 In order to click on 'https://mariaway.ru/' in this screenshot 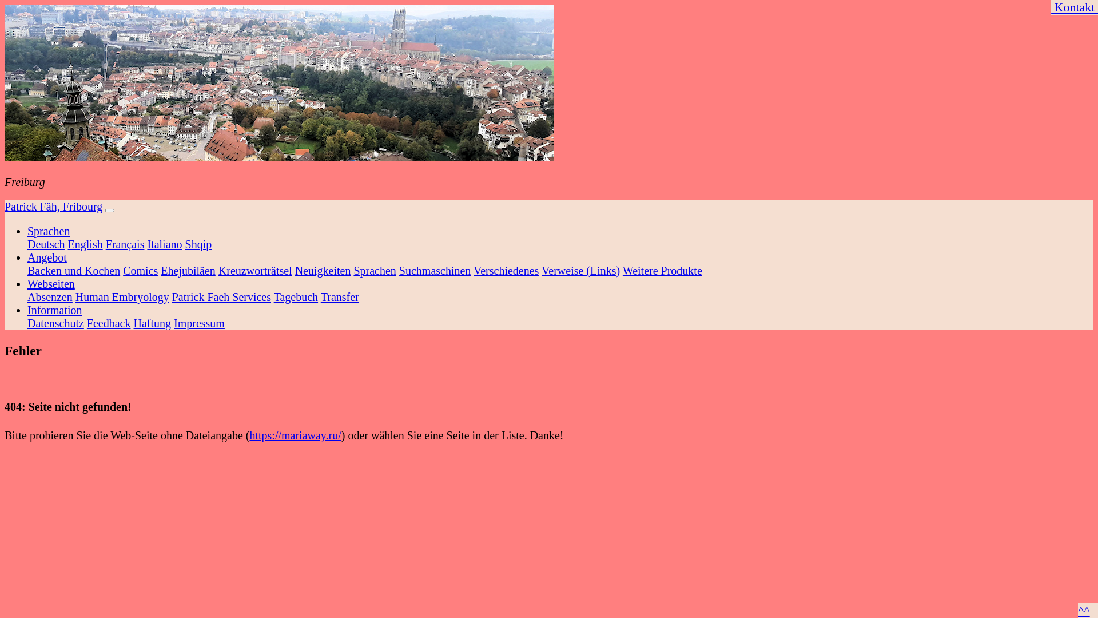, I will do `click(295, 435)`.